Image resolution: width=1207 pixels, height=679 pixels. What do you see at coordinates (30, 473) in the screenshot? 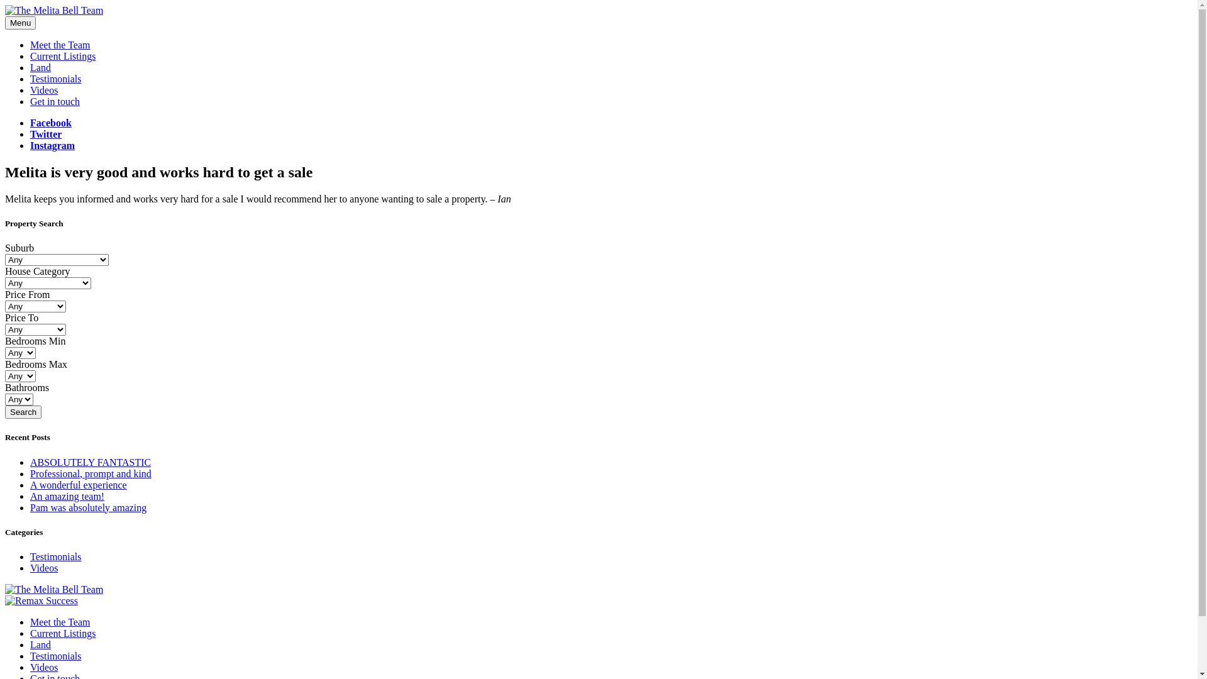
I see `'Professional, prompt and kind'` at bounding box center [30, 473].